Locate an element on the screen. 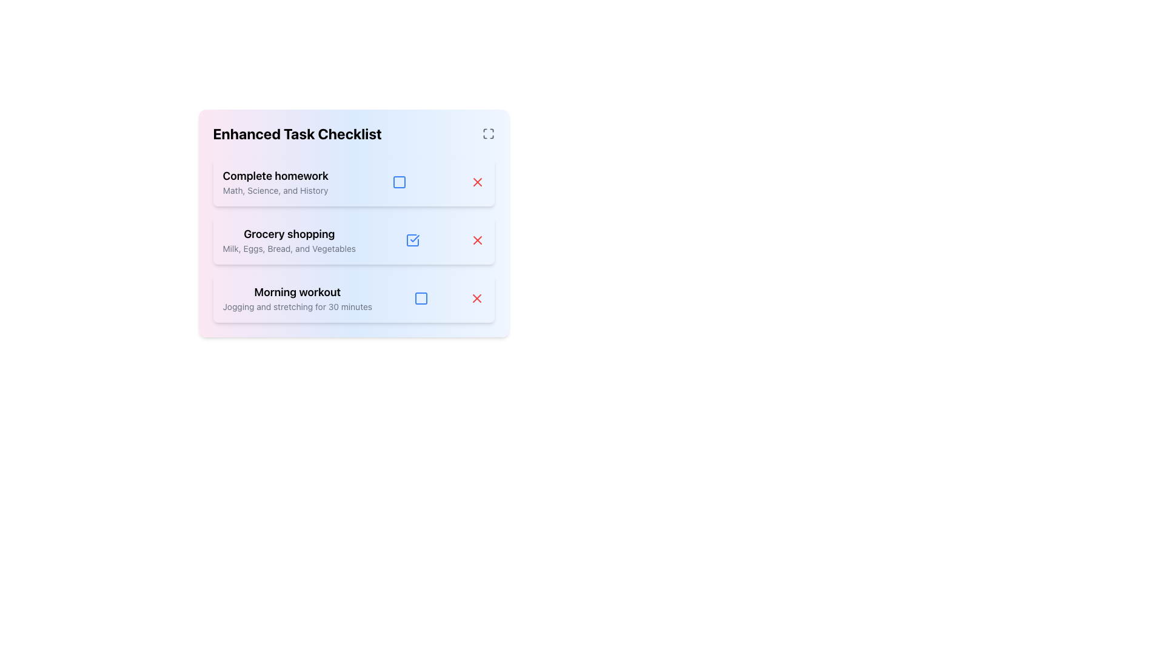  the delete button located to the far right of the 'Morning workout' task item is located at coordinates (477, 299).